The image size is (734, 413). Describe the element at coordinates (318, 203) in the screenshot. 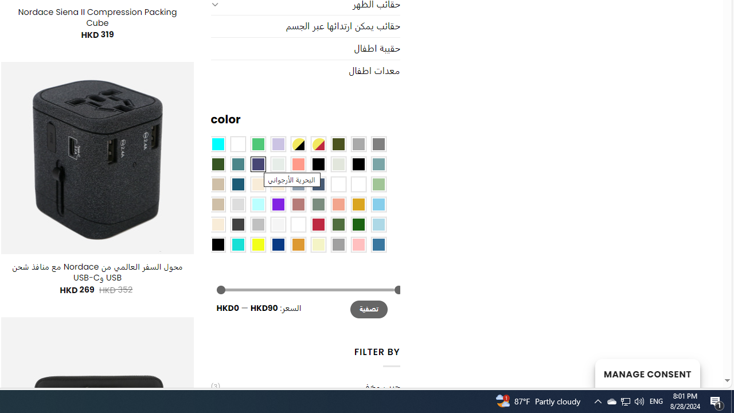

I see `'Sage'` at that location.